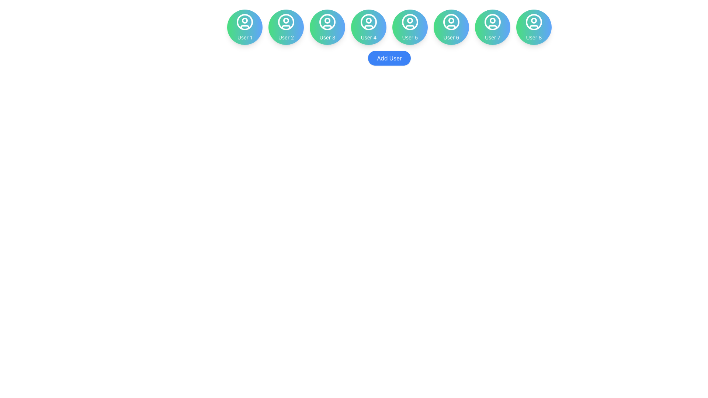  I want to click on the user profile icon for 'User 6', so click(451, 22).